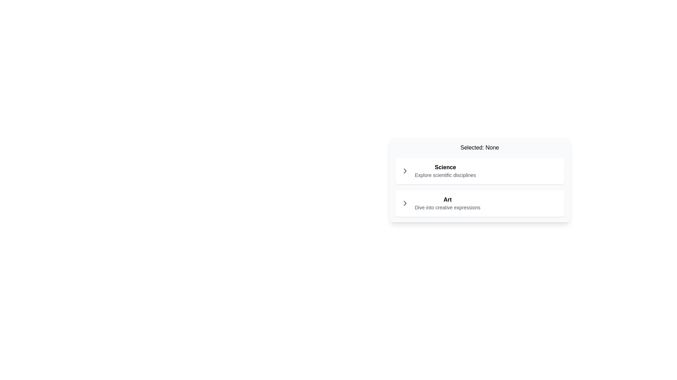 This screenshot has width=677, height=380. Describe the element at coordinates (445, 171) in the screenshot. I see `the first selectable option in the vertical list related to scientific disciplines` at that location.